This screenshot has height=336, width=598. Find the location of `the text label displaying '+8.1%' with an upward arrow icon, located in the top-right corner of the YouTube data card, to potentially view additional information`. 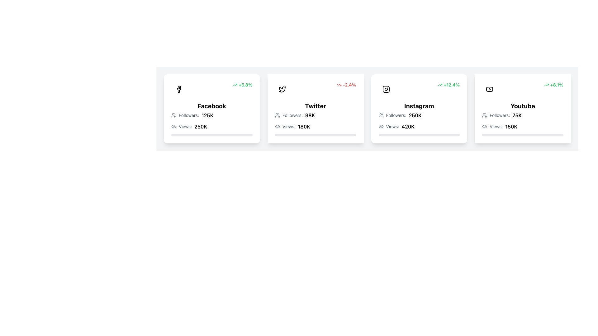

the text label displaying '+8.1%' with an upward arrow icon, located in the top-right corner of the YouTube data card, to potentially view additional information is located at coordinates (553, 85).